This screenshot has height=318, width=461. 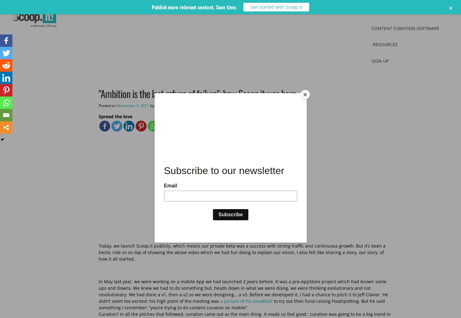 What do you see at coordinates (243, 291) in the screenshot?
I see `'In May last year, we were working on a mobile App we had launched 2 years before. It was a pre-AppStore project which had known some ups and downs. We knew we had to do something but, heads down in what we were doing, we were thinking evolutionary and not revolutionary. We had done a v1, then a v2 so we were designing… a v3. Before we developed it, I had a chance to pitch it to Jeff Clavier. He didn’t seem too excited: his high point of the meeting was'` at bounding box center [243, 291].